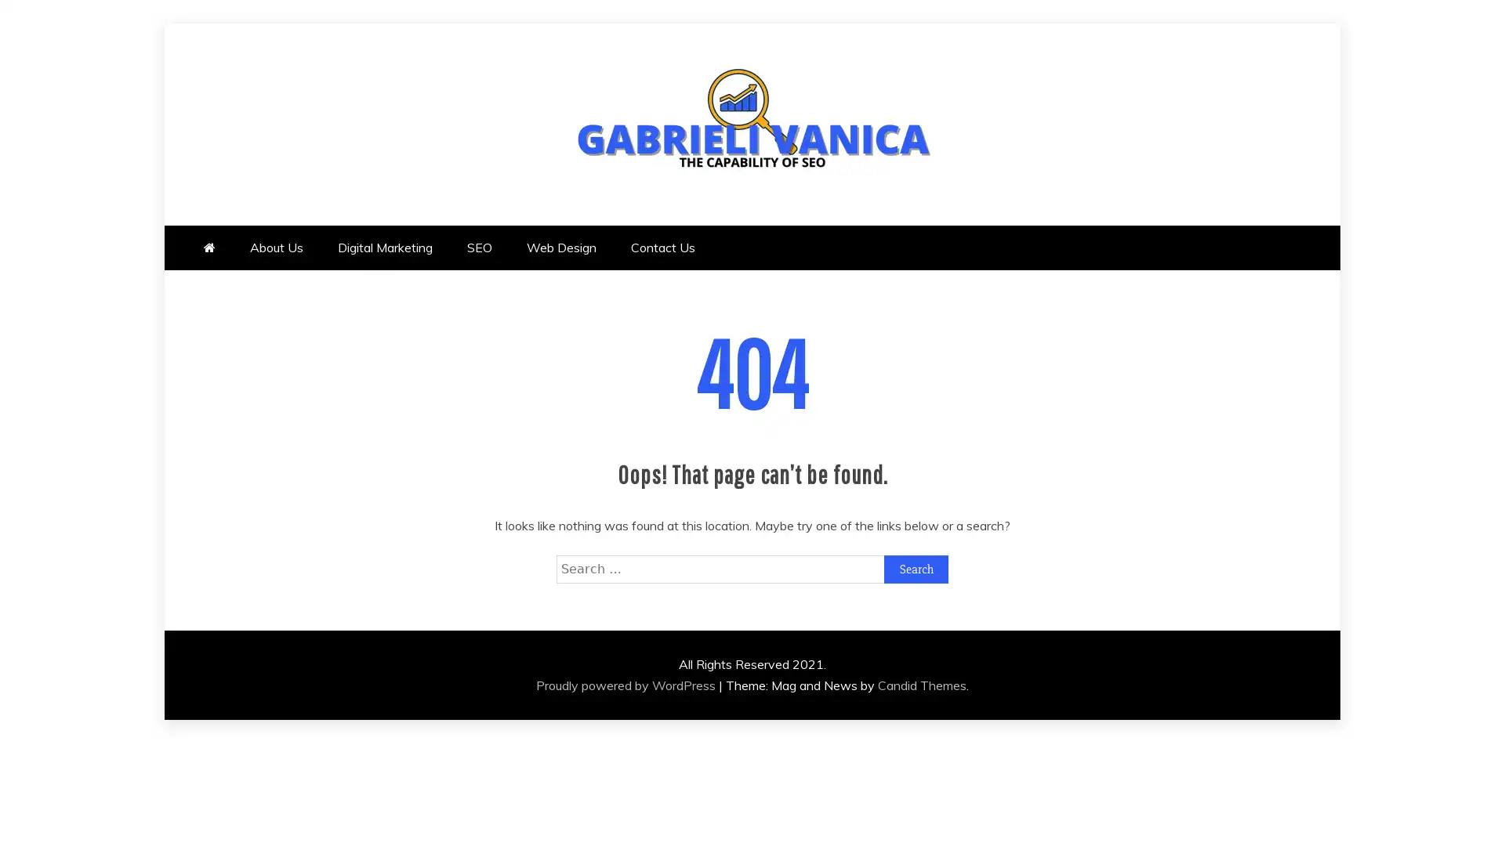 Image resolution: width=1505 pixels, height=846 pixels. Describe the element at coordinates (916, 568) in the screenshot. I see `Search` at that location.